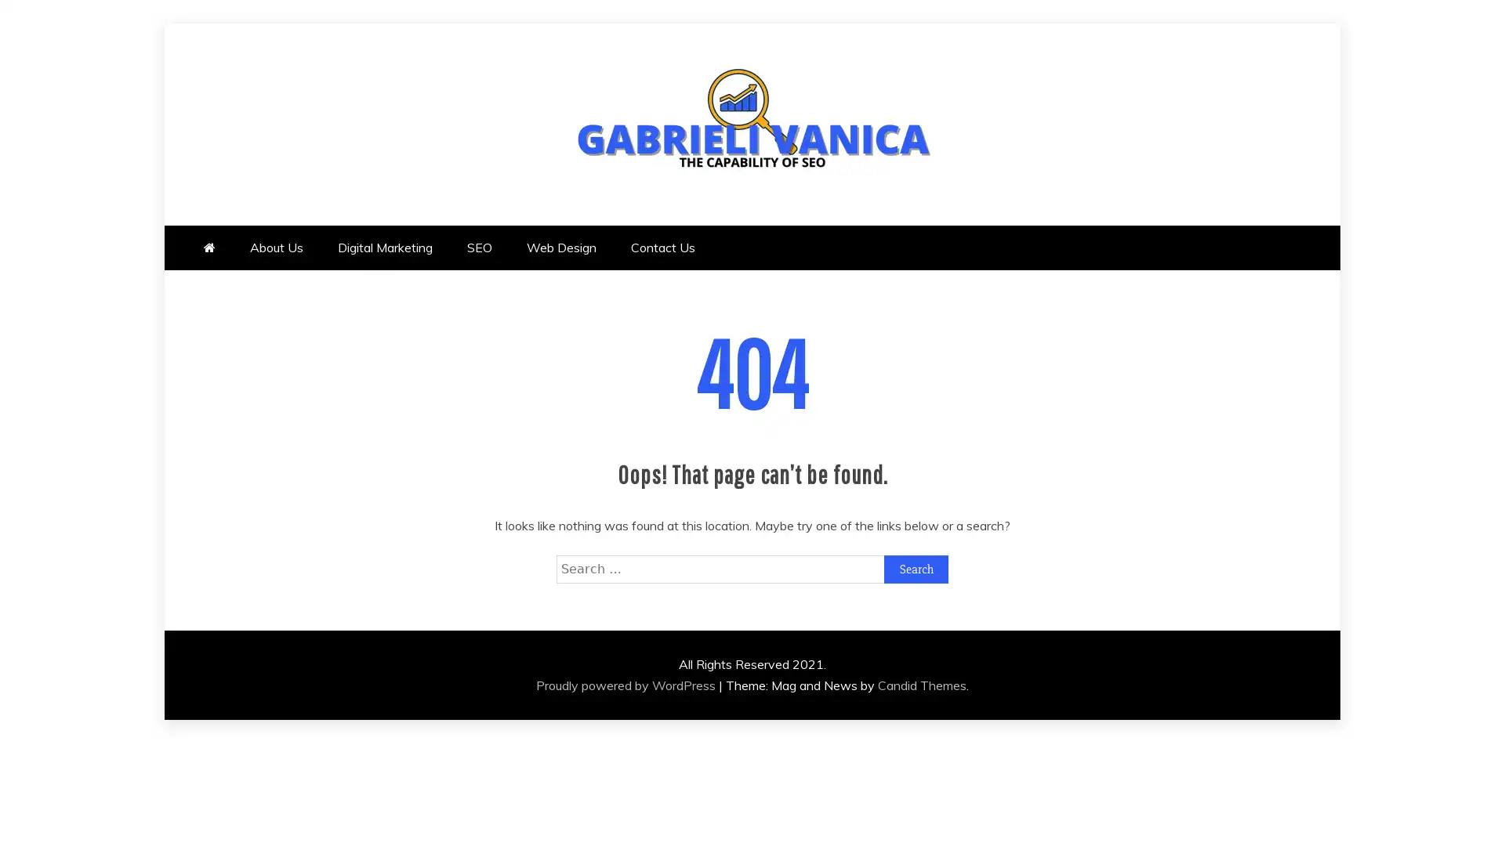 Image resolution: width=1505 pixels, height=846 pixels. Describe the element at coordinates (916, 568) in the screenshot. I see `Search` at that location.